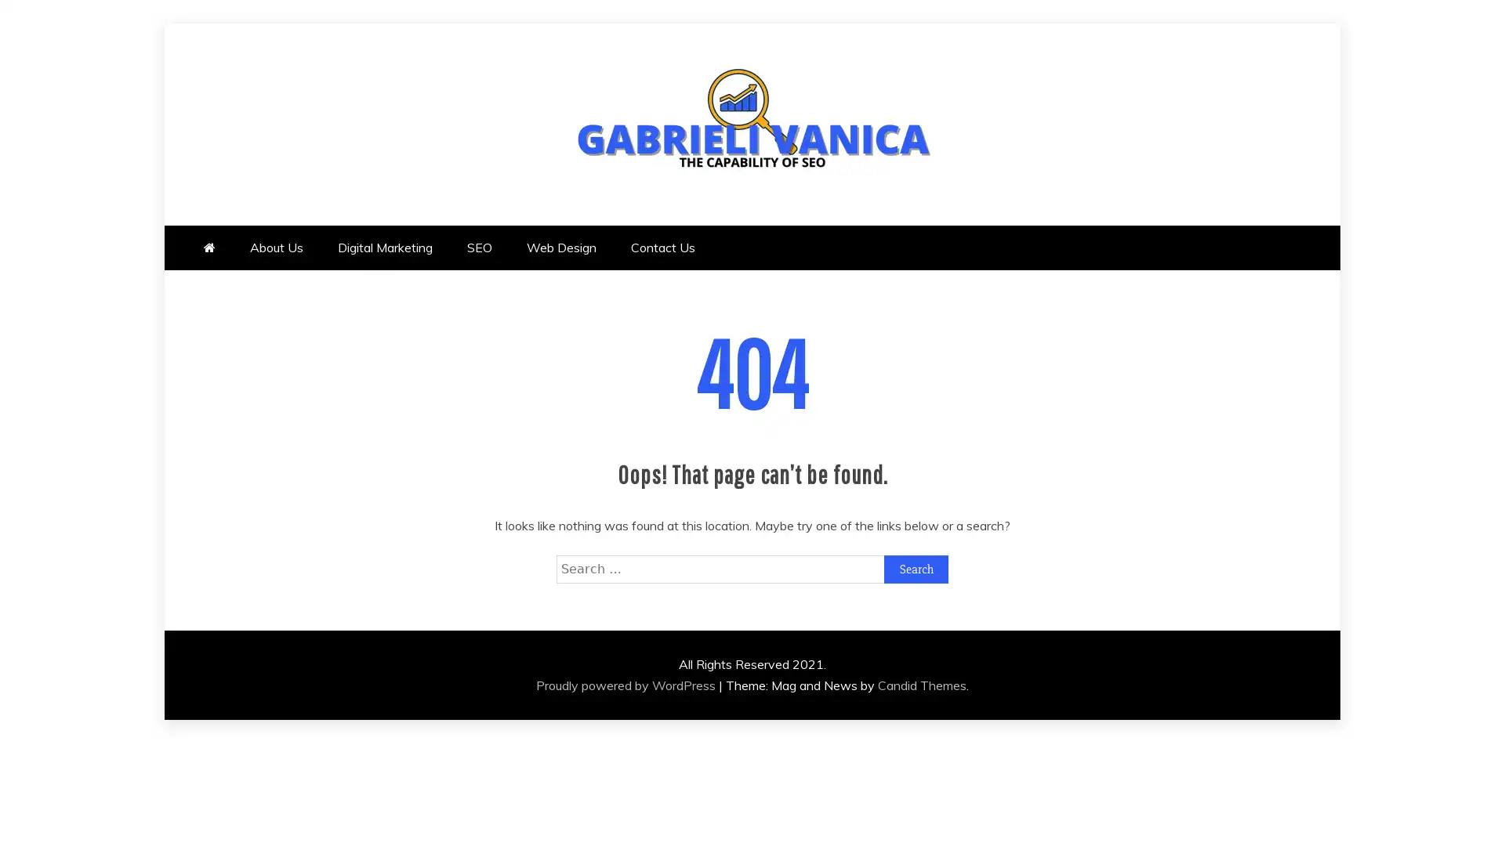 Image resolution: width=1505 pixels, height=846 pixels. Describe the element at coordinates (916, 568) in the screenshot. I see `Search` at that location.